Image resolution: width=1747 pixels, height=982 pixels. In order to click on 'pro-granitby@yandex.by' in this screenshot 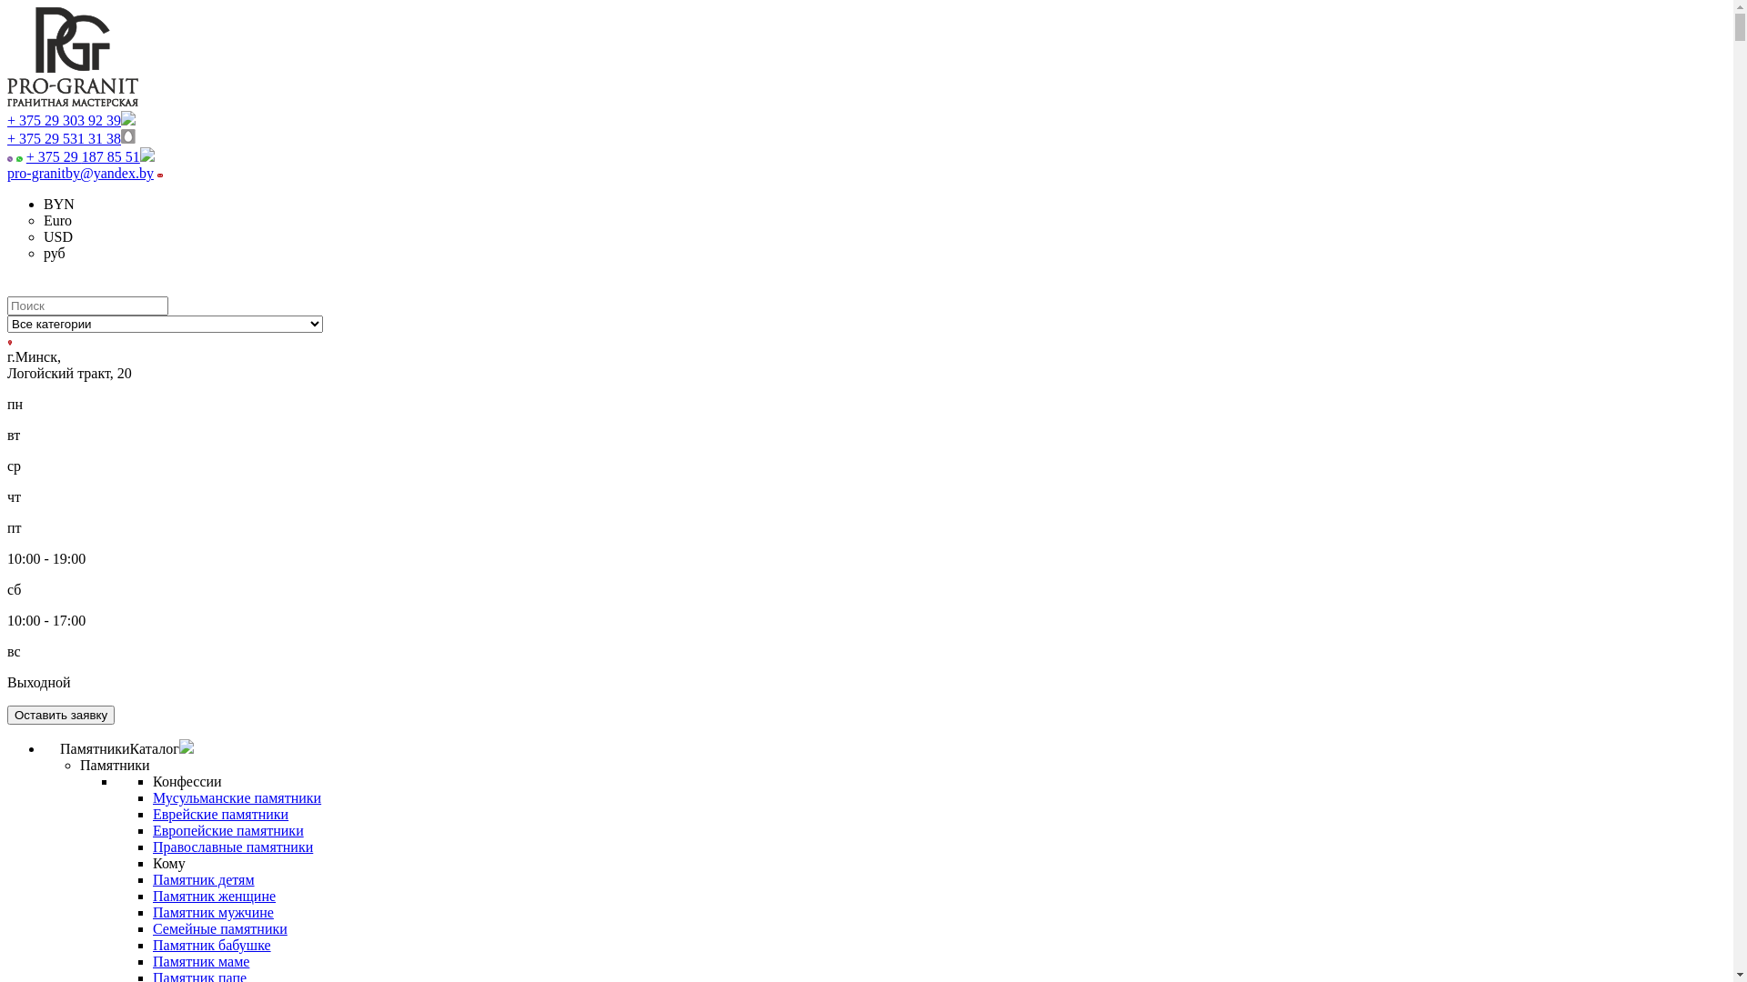, I will do `click(79, 173)`.